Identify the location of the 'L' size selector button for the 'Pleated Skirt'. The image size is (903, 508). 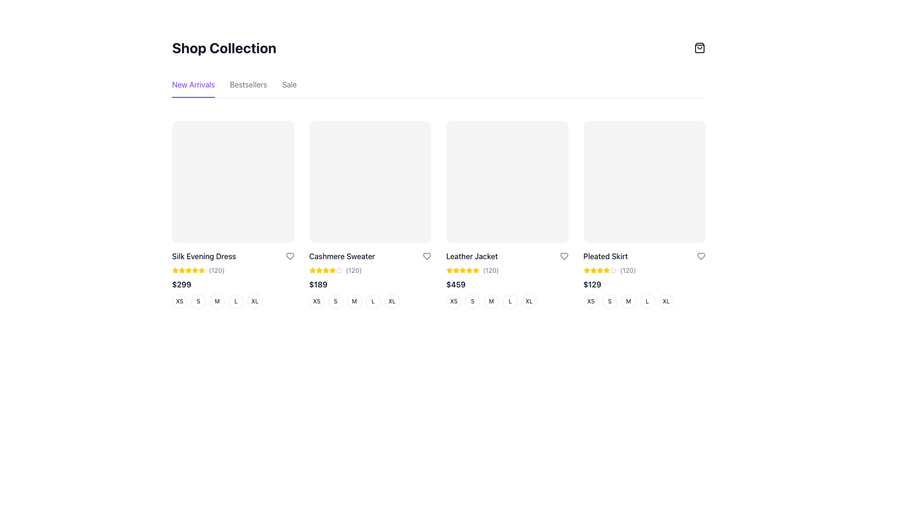
(647, 301).